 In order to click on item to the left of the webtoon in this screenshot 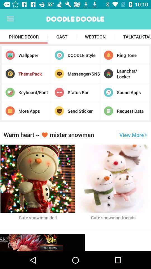, I will do `click(62, 36)`.